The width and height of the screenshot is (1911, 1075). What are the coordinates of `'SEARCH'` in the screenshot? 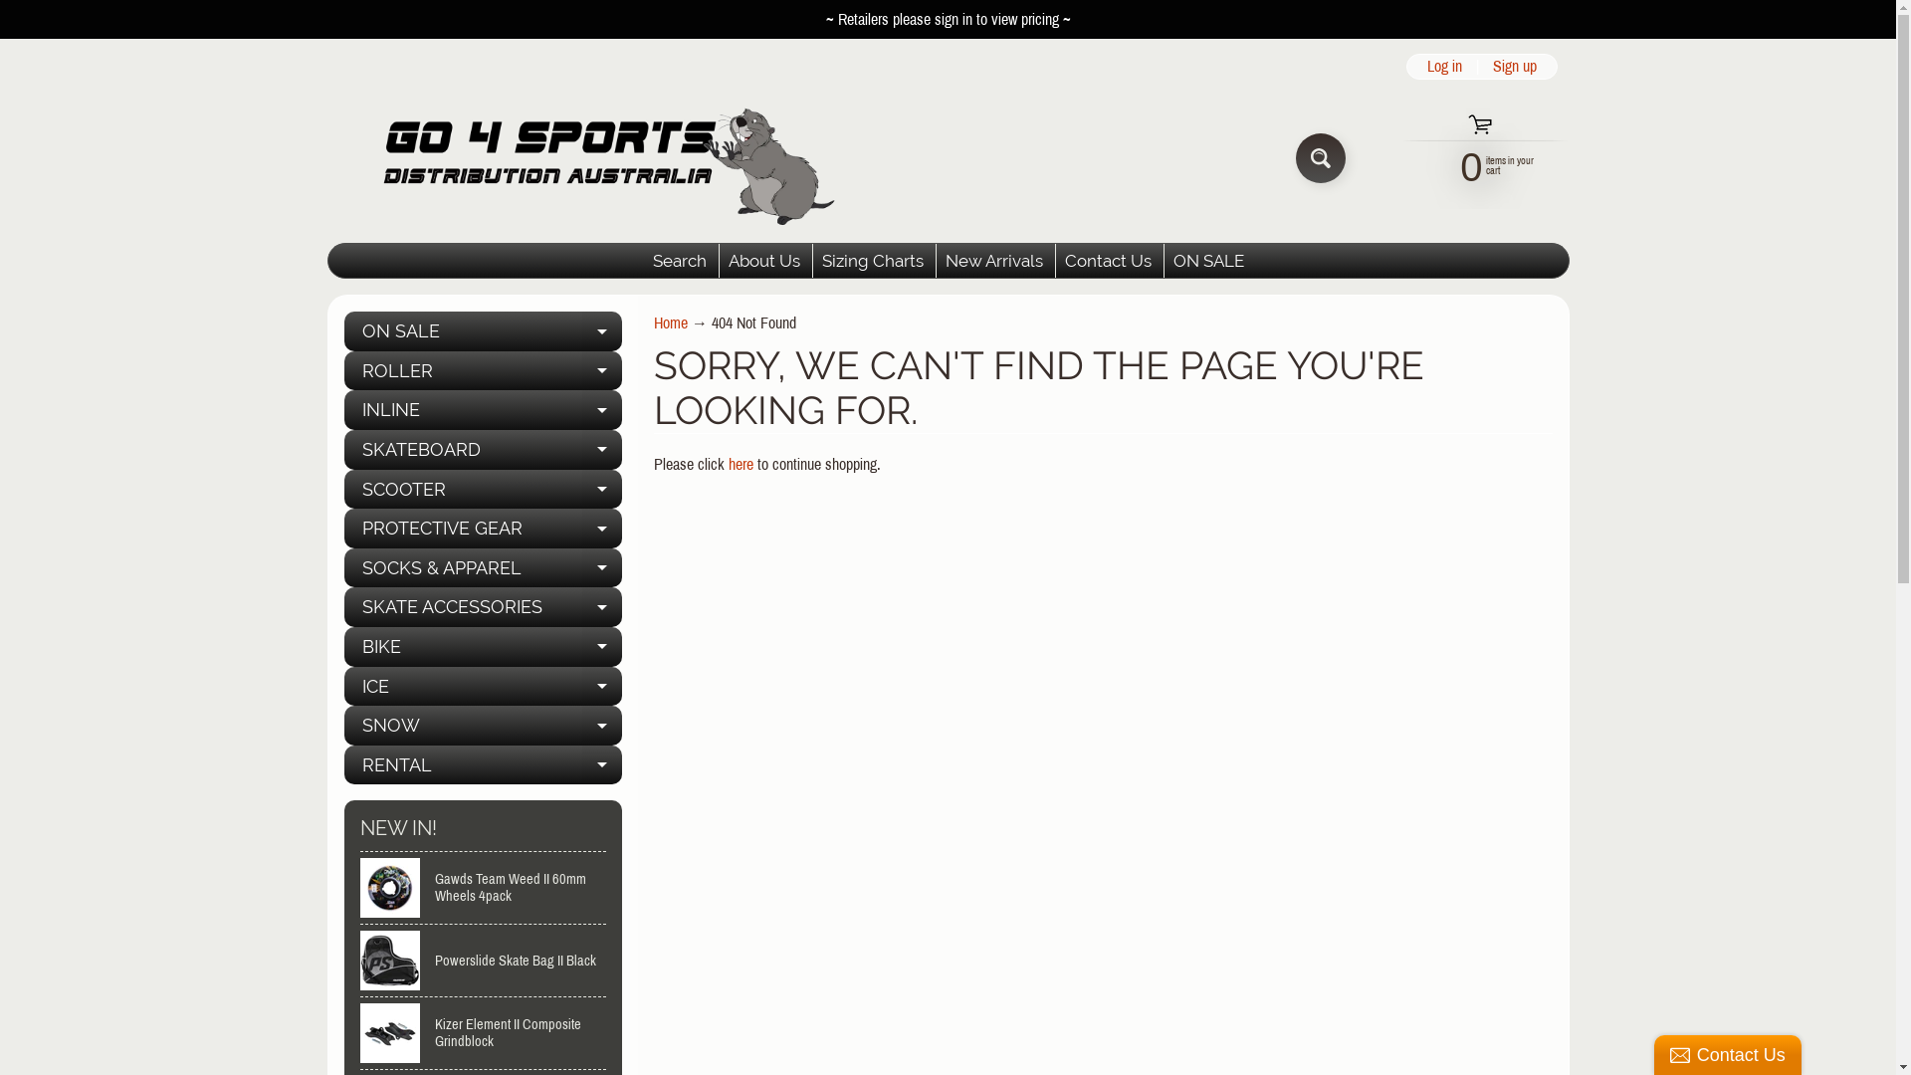 It's located at (1320, 156).